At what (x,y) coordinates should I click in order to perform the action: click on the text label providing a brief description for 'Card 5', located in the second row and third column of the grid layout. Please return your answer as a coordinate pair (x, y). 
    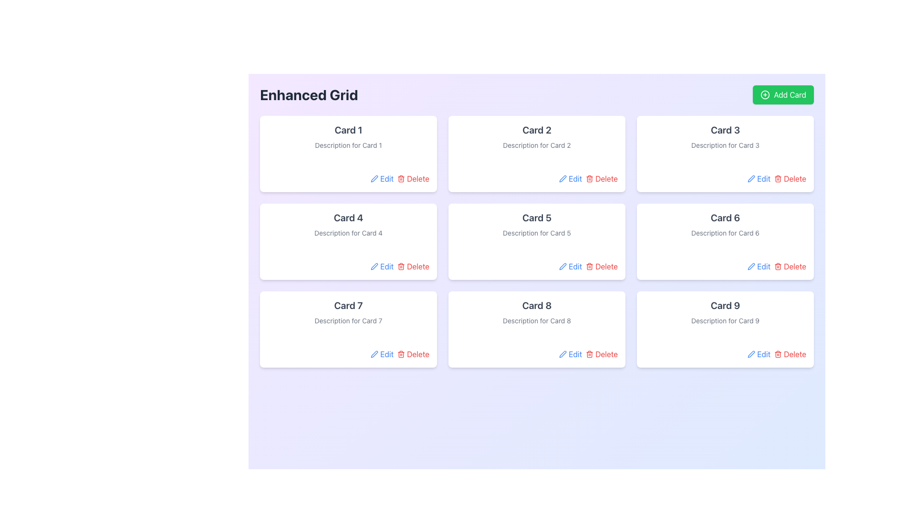
    Looking at the image, I should click on (537, 233).